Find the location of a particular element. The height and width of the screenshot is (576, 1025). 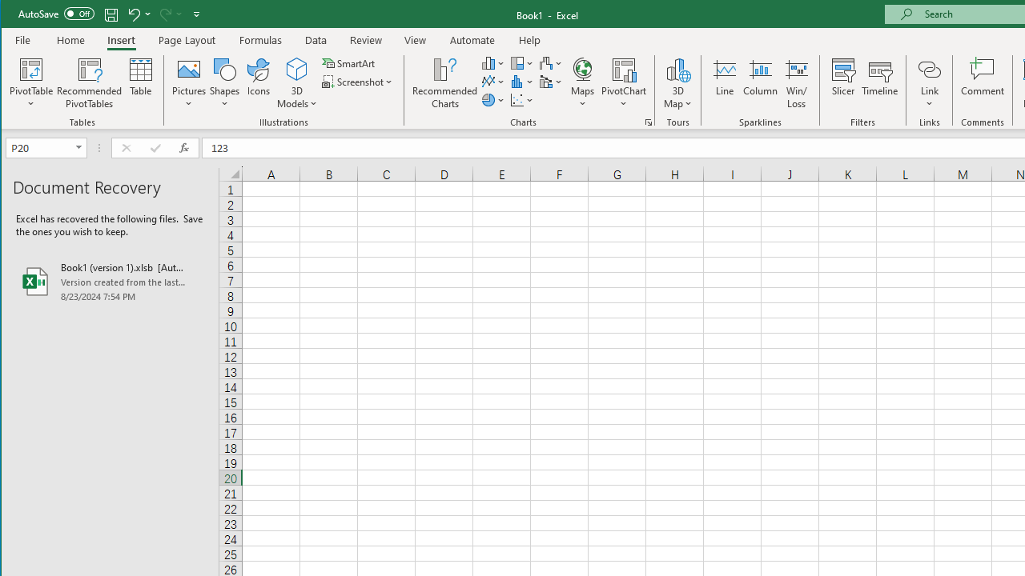

'Insert Hierarchy Chart' is located at coordinates (522, 62).